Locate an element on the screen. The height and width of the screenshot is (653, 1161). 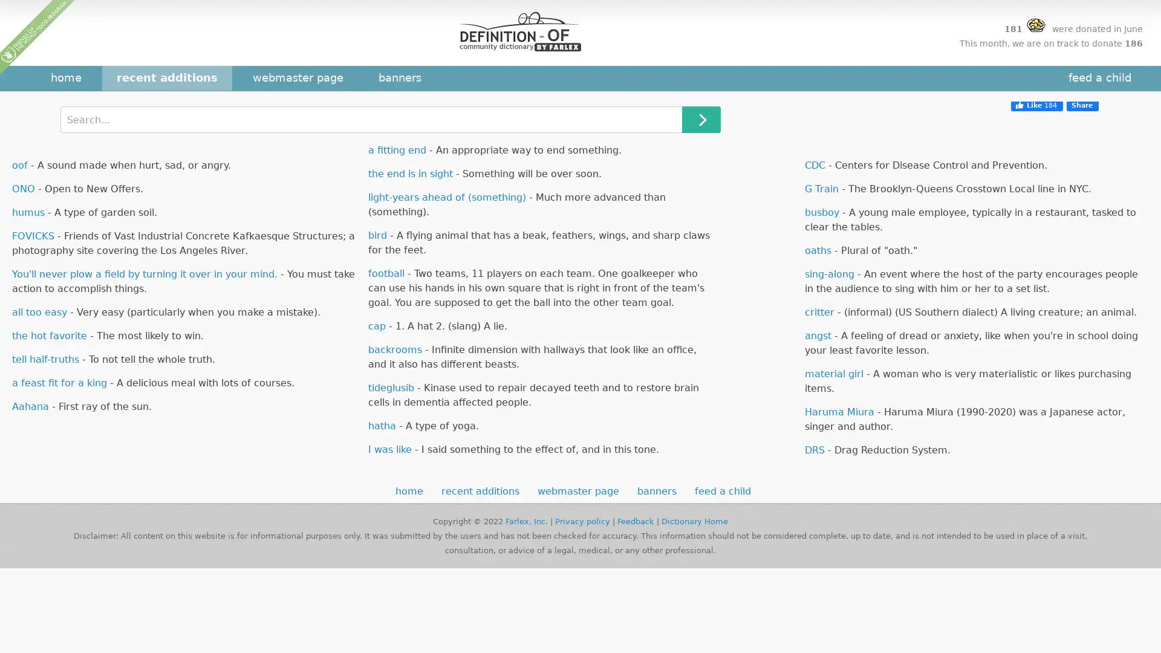
Search is located at coordinates (701, 119).